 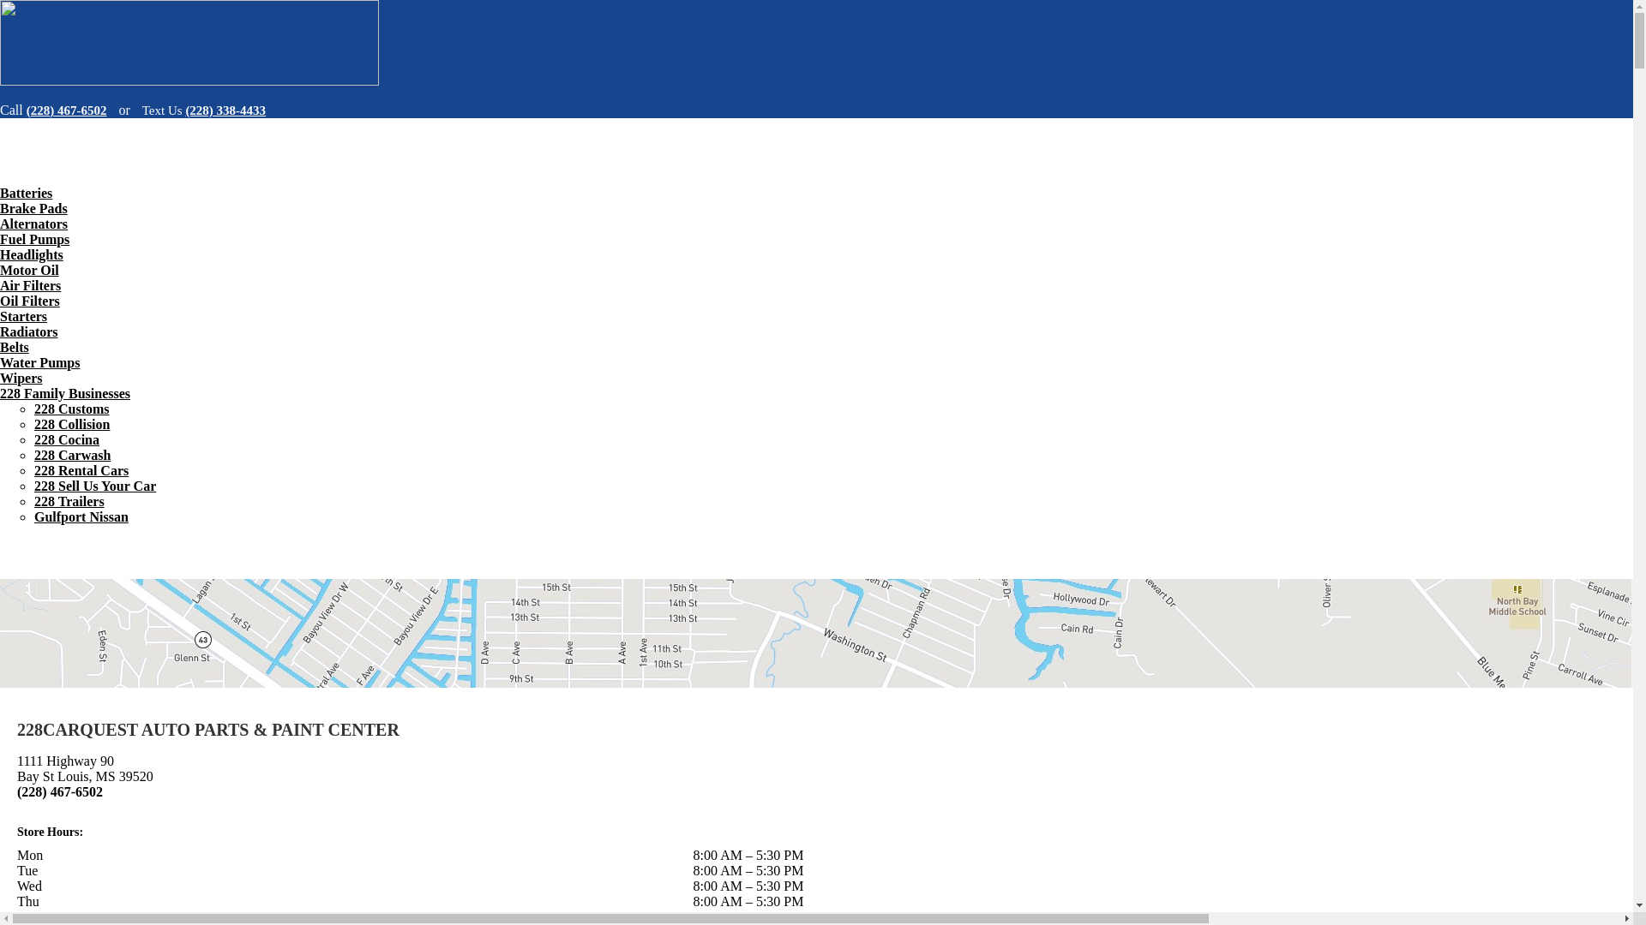 I want to click on '228 Collision', so click(x=33, y=424).